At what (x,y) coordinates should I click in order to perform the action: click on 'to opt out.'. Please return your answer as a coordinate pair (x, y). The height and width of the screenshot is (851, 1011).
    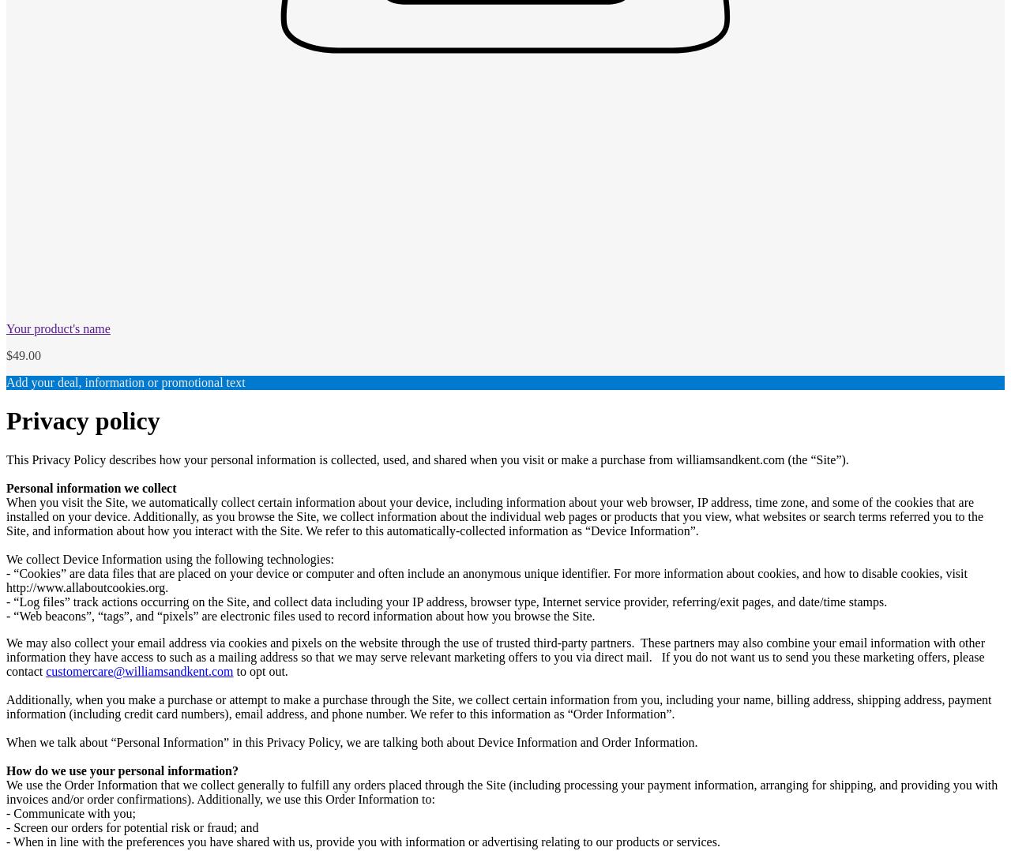
    Looking at the image, I should click on (260, 669).